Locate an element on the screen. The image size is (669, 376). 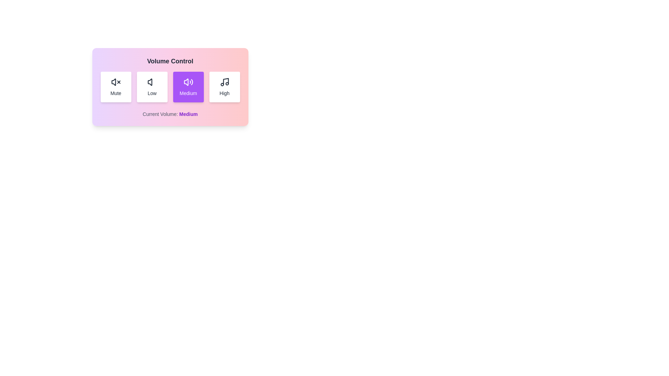
the high button to observe the hover effect is located at coordinates (224, 87).